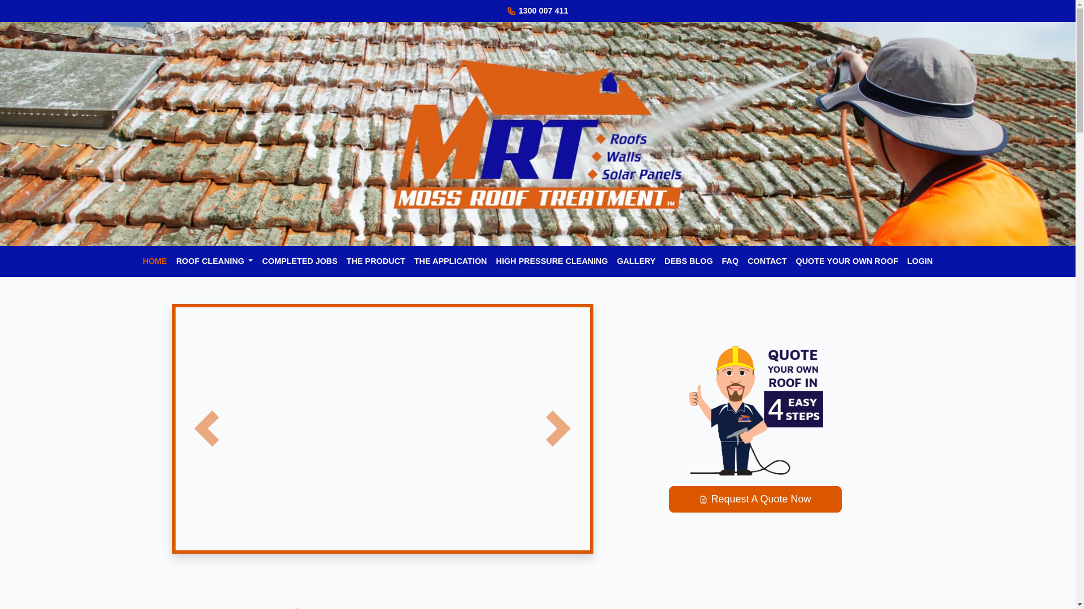 Image resolution: width=1084 pixels, height=609 pixels. What do you see at coordinates (552, 261) in the screenshot?
I see `'HIGH PRESSURE CLEANING'` at bounding box center [552, 261].